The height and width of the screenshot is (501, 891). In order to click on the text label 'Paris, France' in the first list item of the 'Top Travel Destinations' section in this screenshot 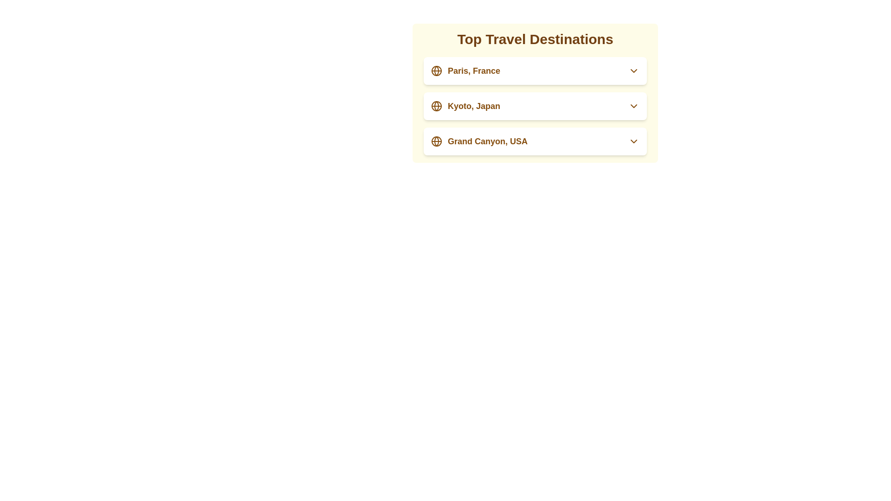, I will do `click(465, 71)`.